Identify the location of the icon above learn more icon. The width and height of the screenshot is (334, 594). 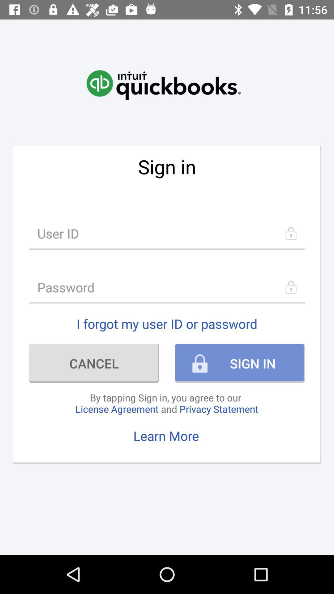
(166, 403).